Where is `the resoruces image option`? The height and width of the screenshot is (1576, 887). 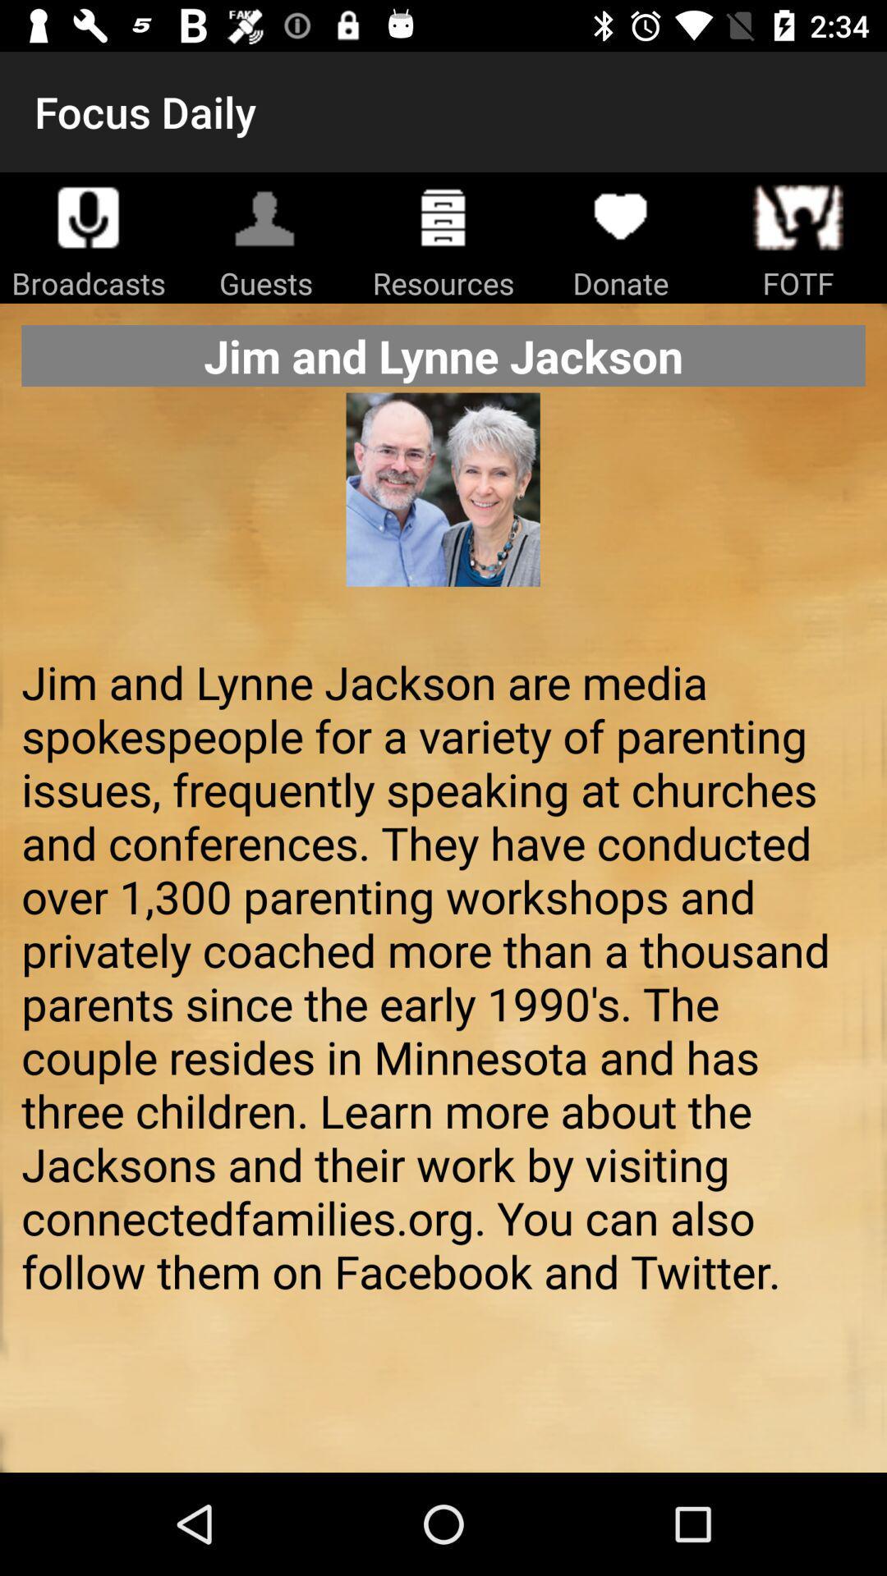 the resoruces image option is located at coordinates (443, 216).